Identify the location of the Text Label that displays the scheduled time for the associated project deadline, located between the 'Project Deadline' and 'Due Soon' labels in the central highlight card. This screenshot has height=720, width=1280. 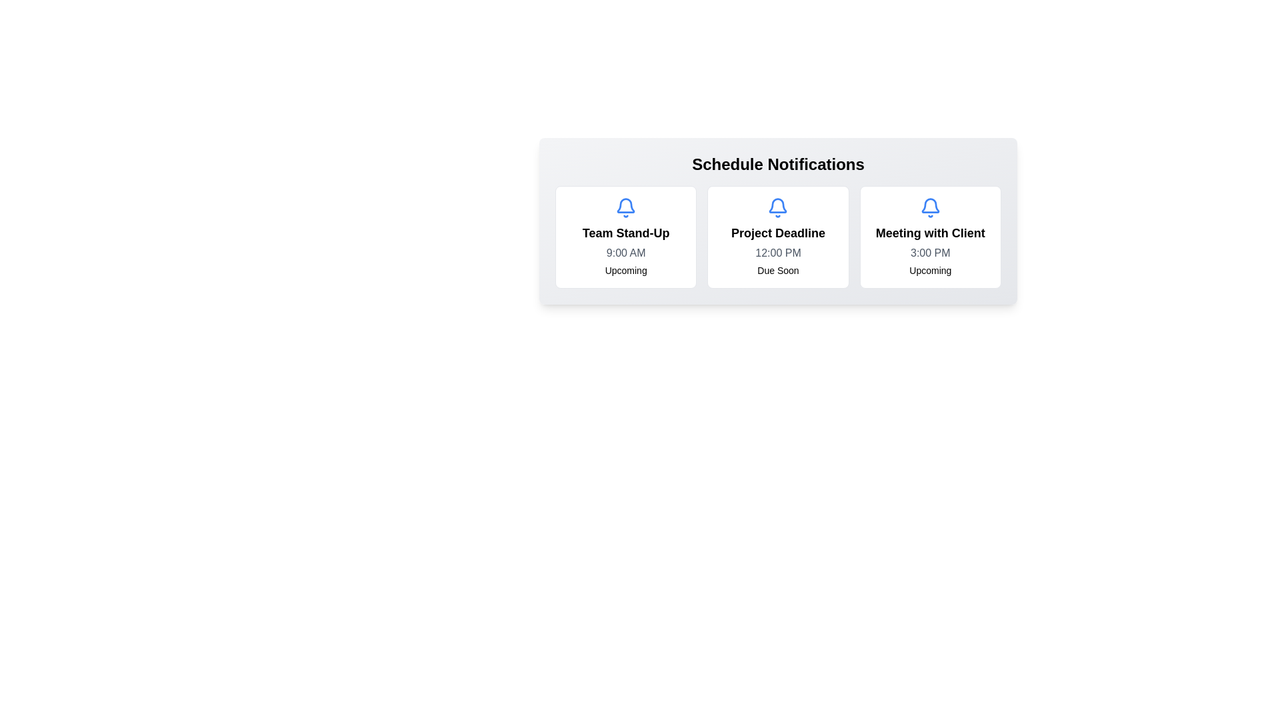
(778, 253).